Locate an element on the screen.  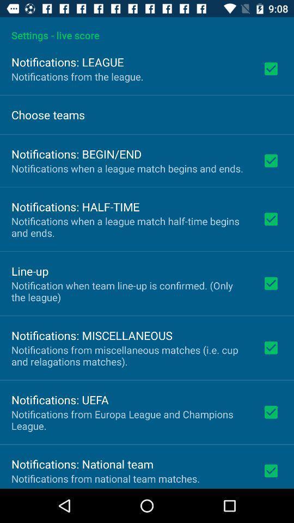
the notification when team app is located at coordinates (130, 290).